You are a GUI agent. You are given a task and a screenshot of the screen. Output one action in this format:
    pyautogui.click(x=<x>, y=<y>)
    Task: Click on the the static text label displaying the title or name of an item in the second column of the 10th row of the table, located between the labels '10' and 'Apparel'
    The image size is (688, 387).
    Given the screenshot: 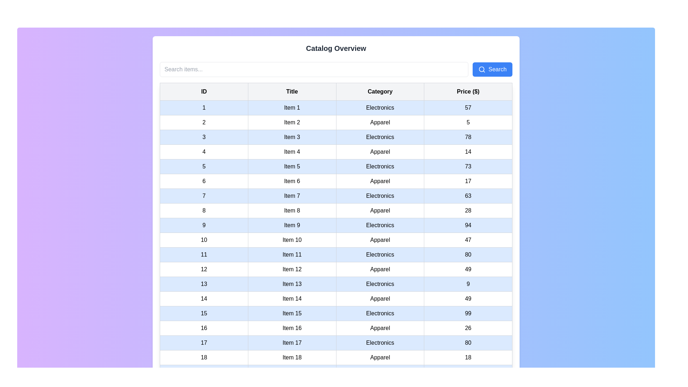 What is the action you would take?
    pyautogui.click(x=292, y=240)
    